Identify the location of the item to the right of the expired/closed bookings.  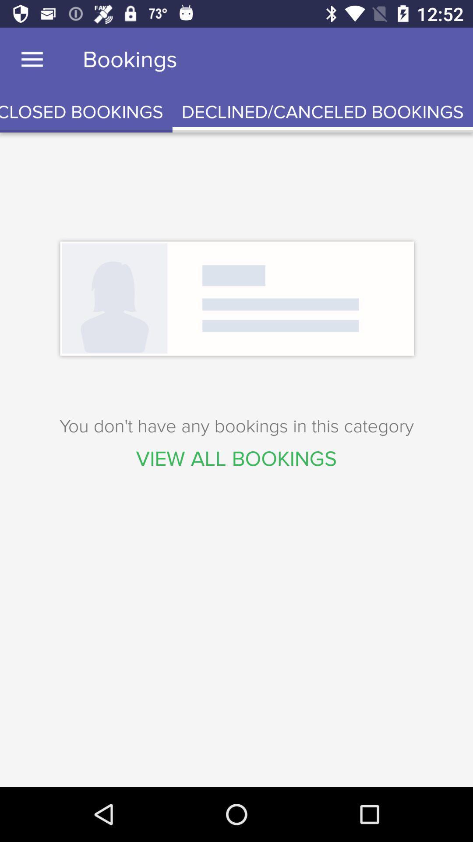
(322, 112).